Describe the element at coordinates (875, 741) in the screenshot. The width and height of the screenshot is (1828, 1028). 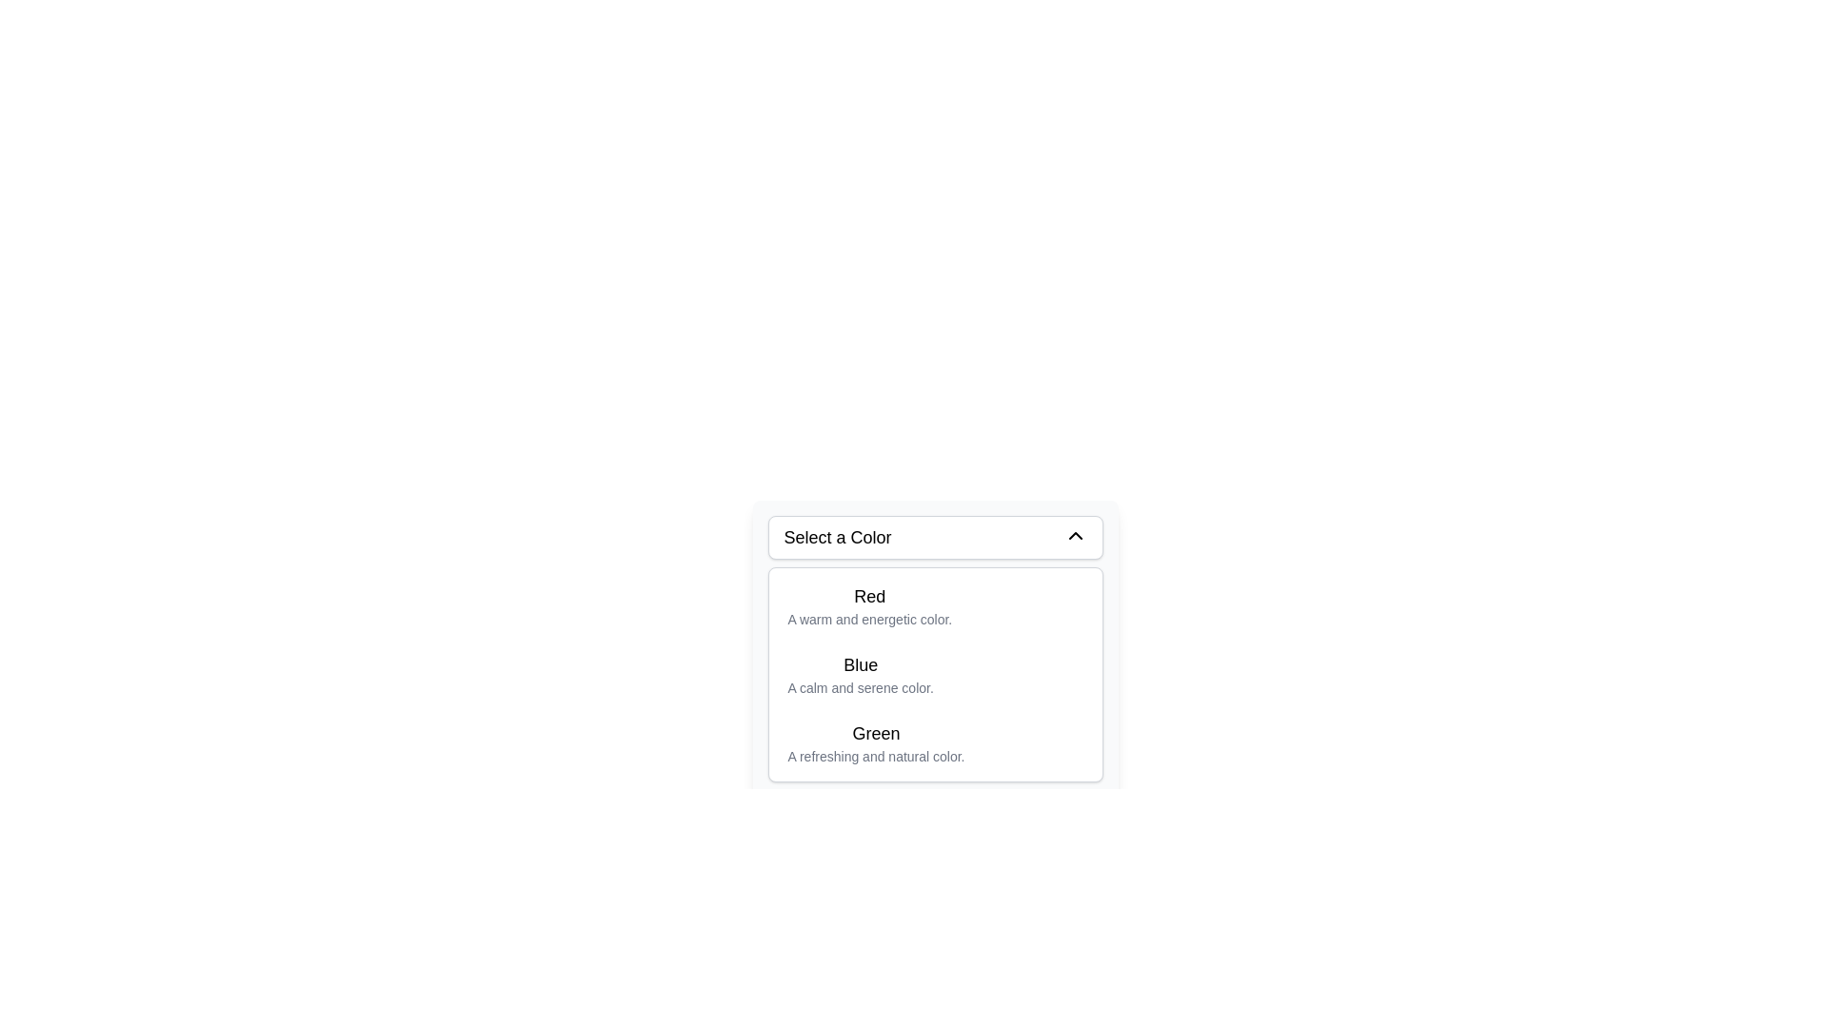
I see `the selectable list item representing the color green in the dropdown menu titled 'Select a Color'` at that location.